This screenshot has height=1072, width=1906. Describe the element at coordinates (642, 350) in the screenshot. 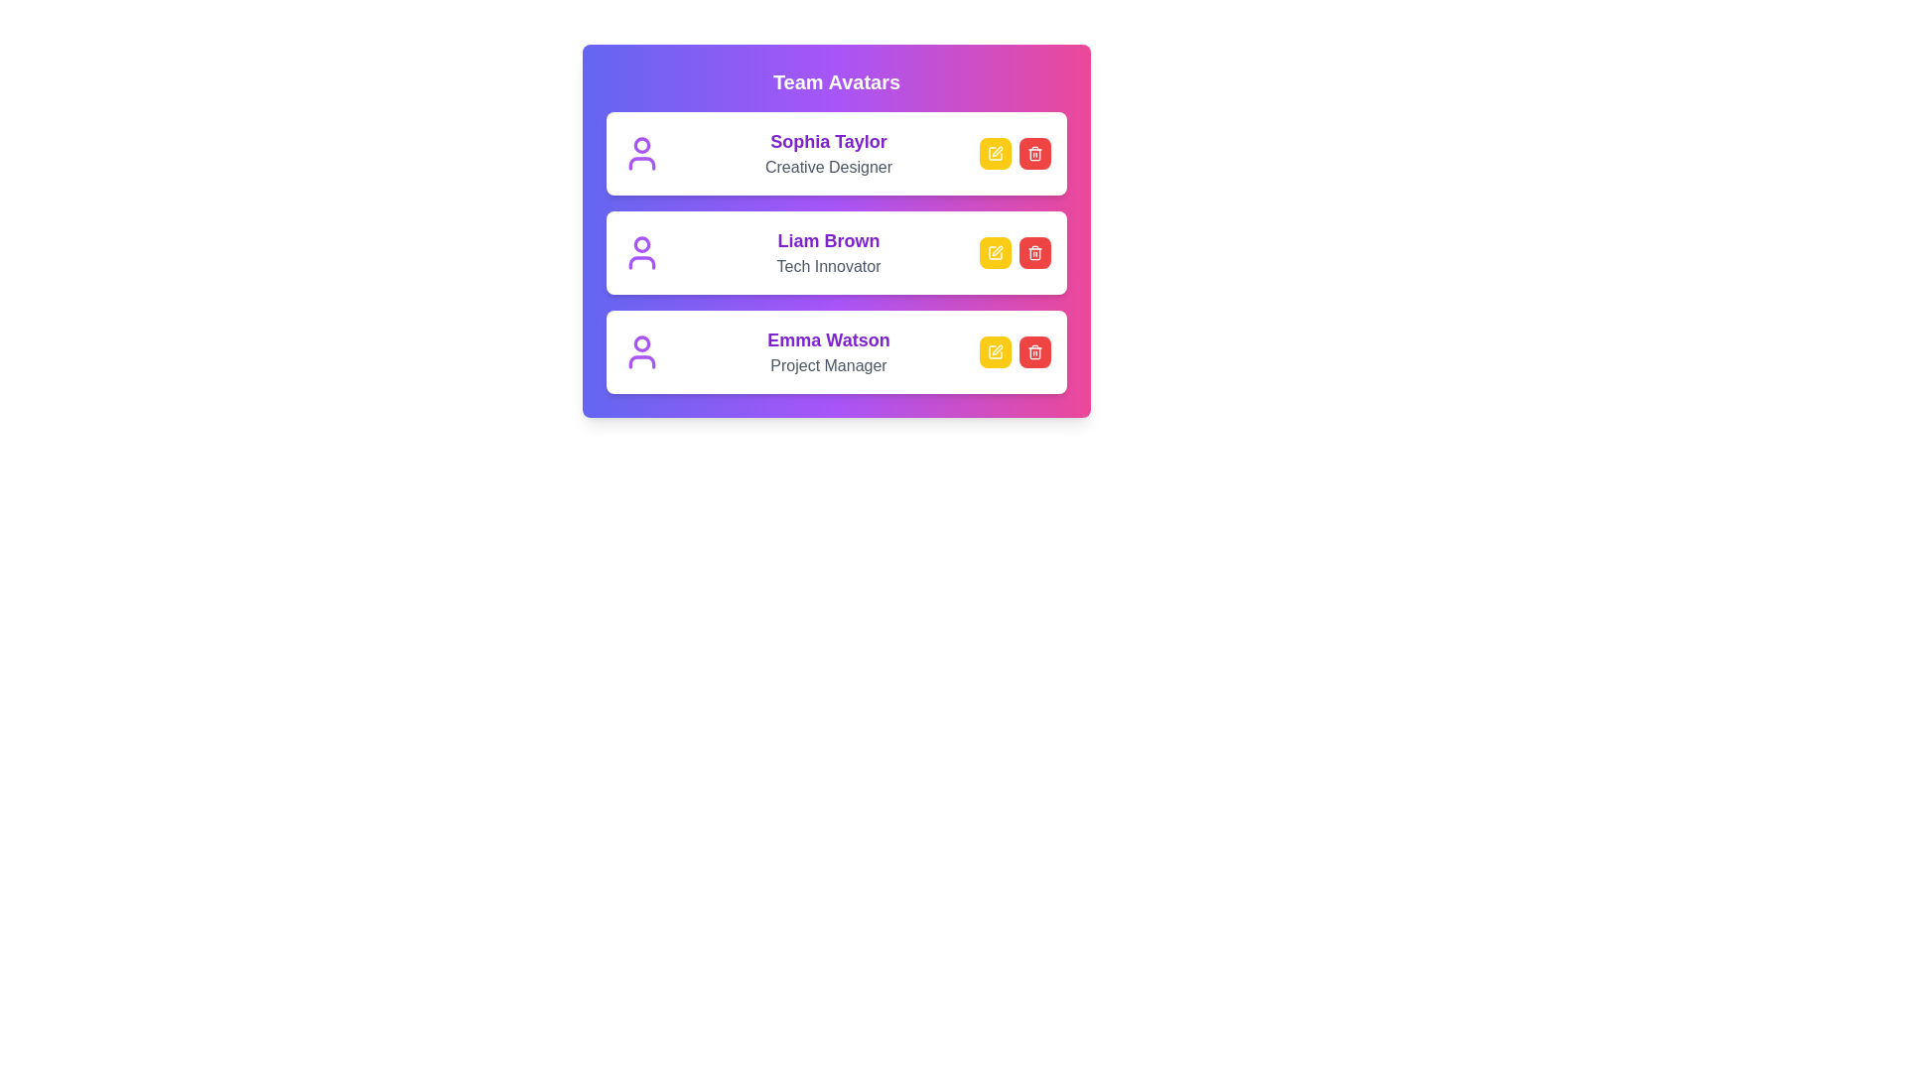

I see `the user icon representing Emma Watson, located in the third row of the vertical list of team avatars, aligned to the far left of the row` at that location.